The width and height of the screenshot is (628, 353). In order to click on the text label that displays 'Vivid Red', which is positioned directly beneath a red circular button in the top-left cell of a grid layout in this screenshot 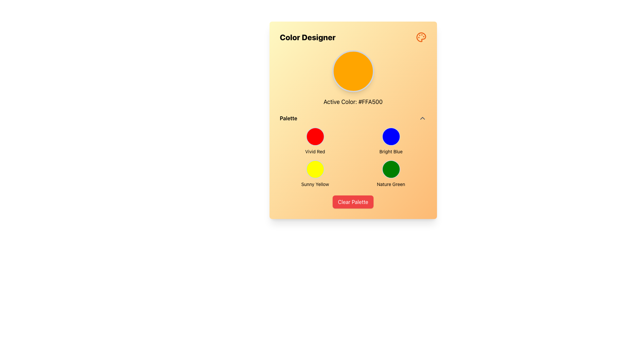, I will do `click(315, 151)`.